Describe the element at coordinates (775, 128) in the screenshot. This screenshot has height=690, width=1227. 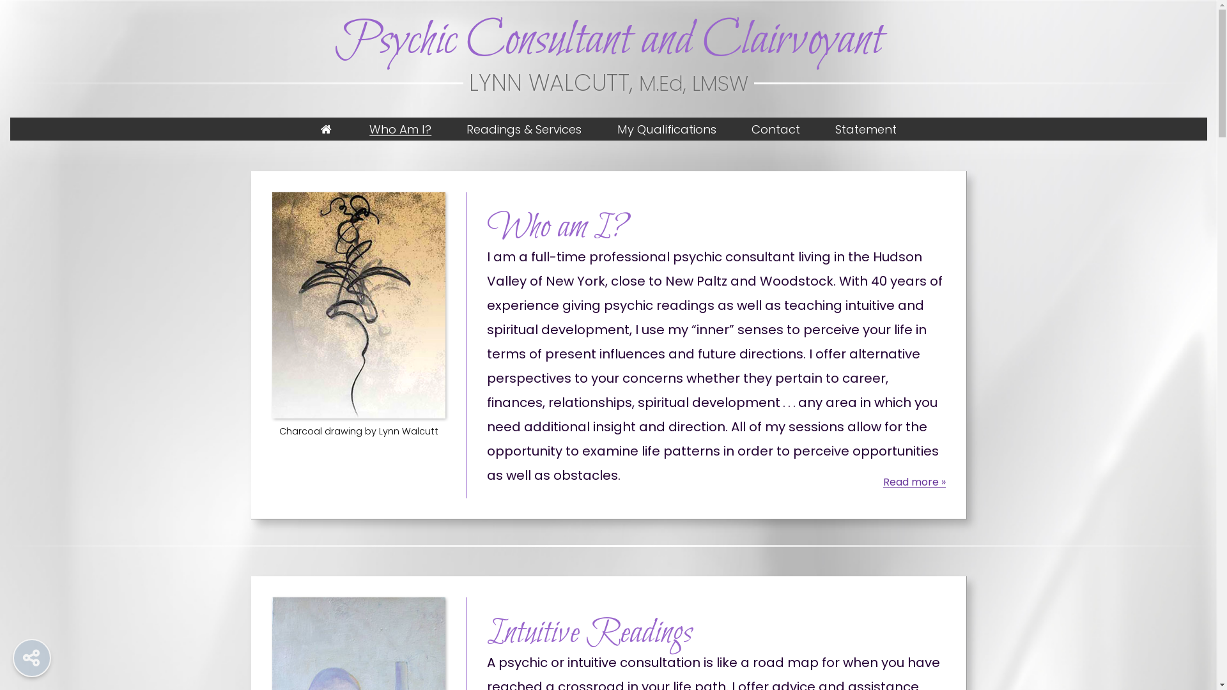
I see `'Contact'` at that location.